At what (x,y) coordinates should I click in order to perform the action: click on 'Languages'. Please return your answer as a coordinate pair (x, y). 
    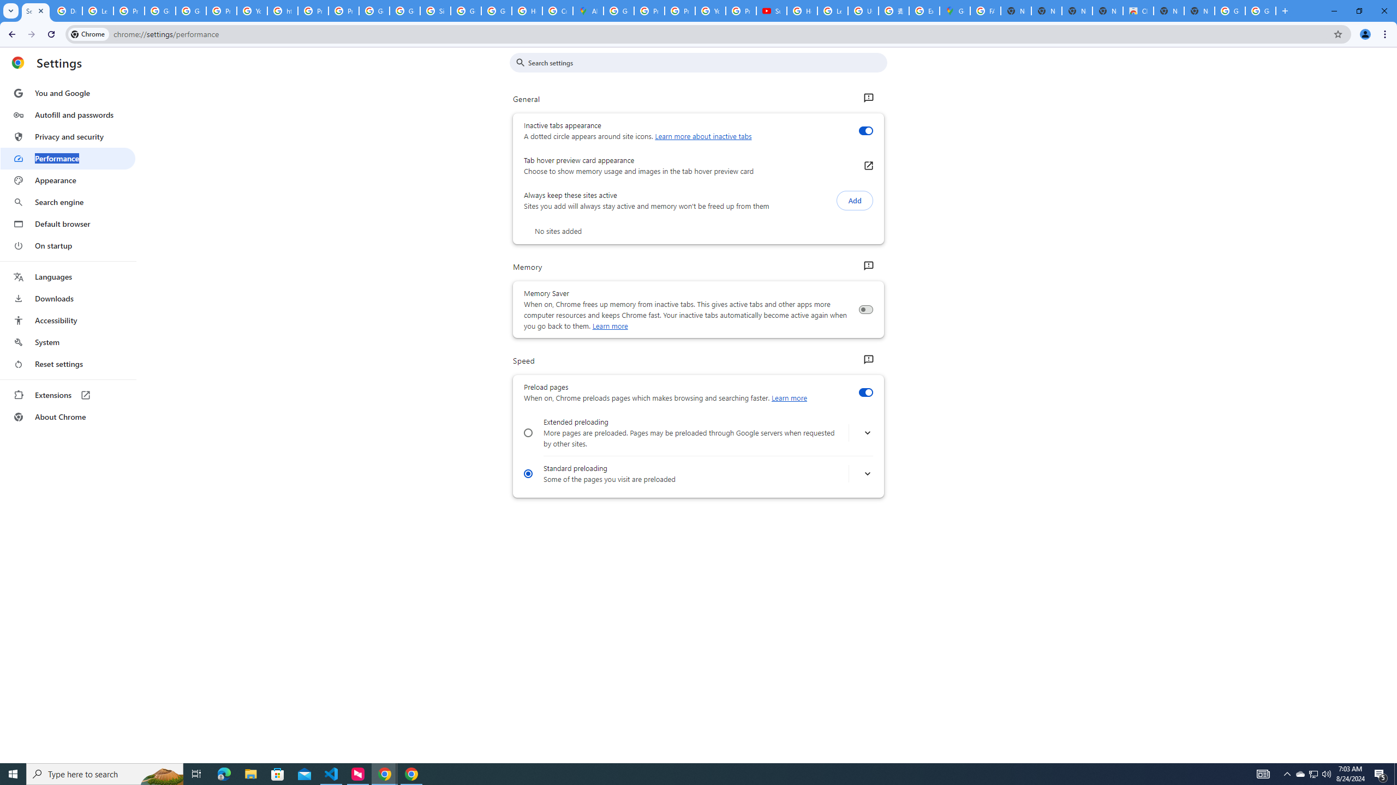
    Looking at the image, I should click on (67, 277).